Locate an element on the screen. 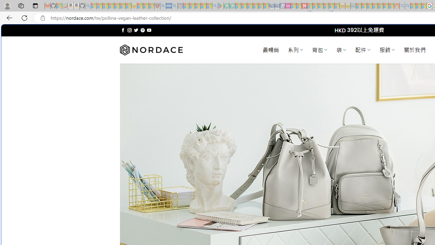 The width and height of the screenshot is (435, 245). 'Jobs - lastminute.com Investor Portal - Sleeping' is located at coordinates (288, 6).